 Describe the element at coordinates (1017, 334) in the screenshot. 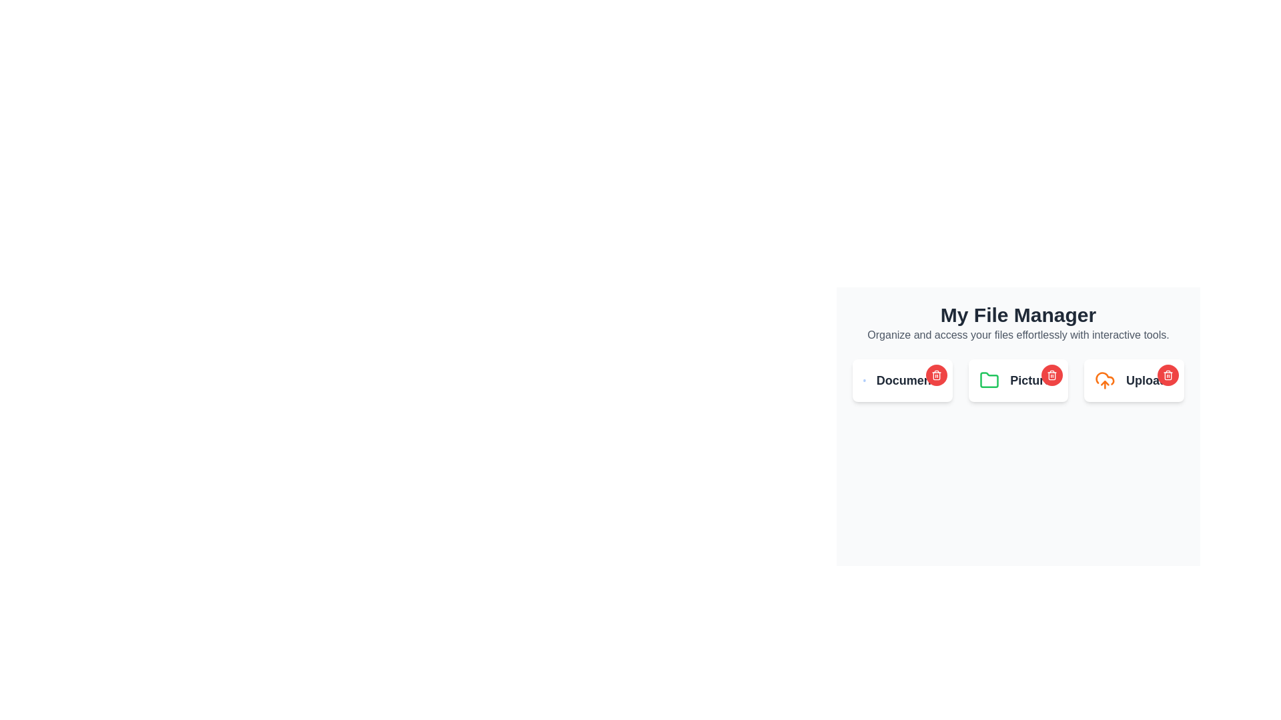

I see `the text label that reads 'Organize and access your files effortlessly with interactive tools.', which is styled in gray and positioned below the title 'My File Manager'` at that location.